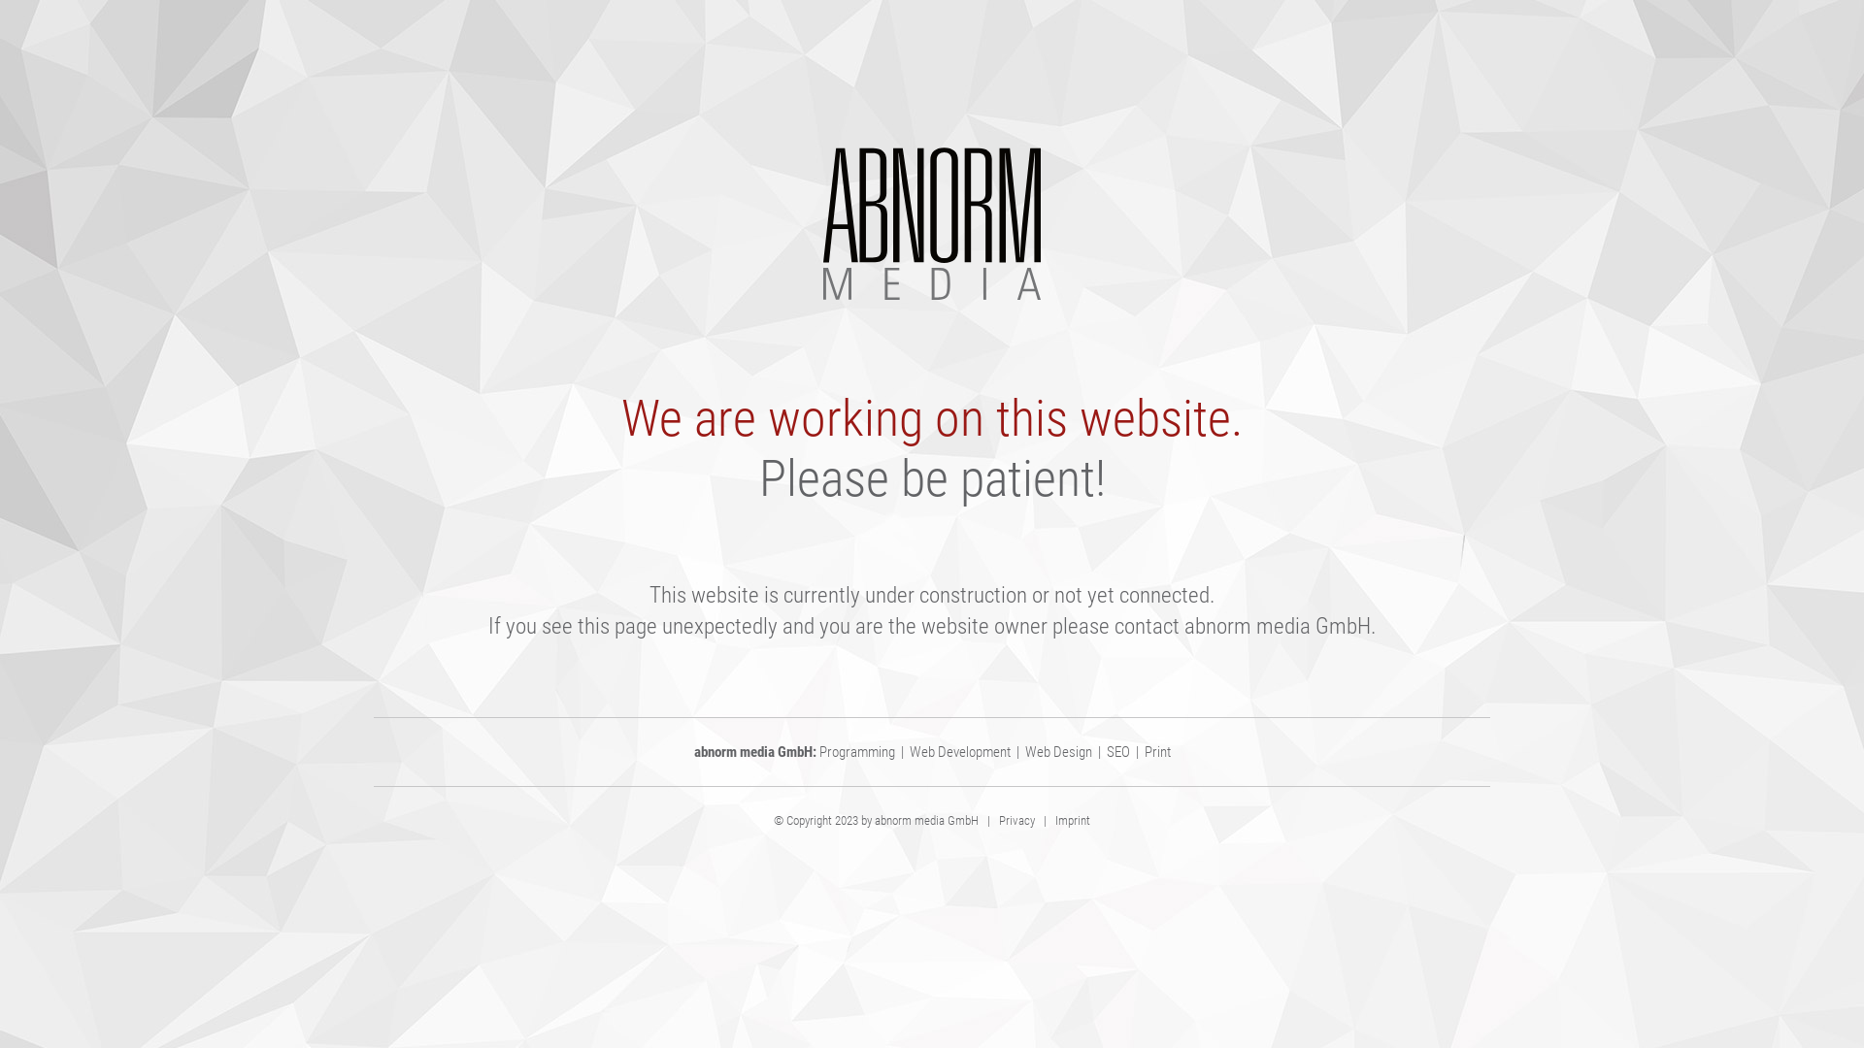 The height and width of the screenshot is (1048, 1864). What do you see at coordinates (1015, 820) in the screenshot?
I see `'Privacy'` at bounding box center [1015, 820].